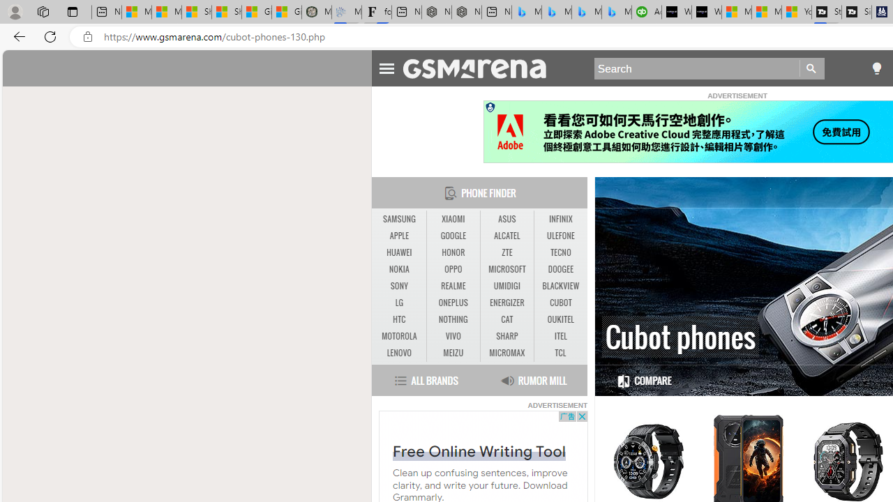  What do you see at coordinates (506, 302) in the screenshot?
I see `'ENERGIZER'` at bounding box center [506, 302].